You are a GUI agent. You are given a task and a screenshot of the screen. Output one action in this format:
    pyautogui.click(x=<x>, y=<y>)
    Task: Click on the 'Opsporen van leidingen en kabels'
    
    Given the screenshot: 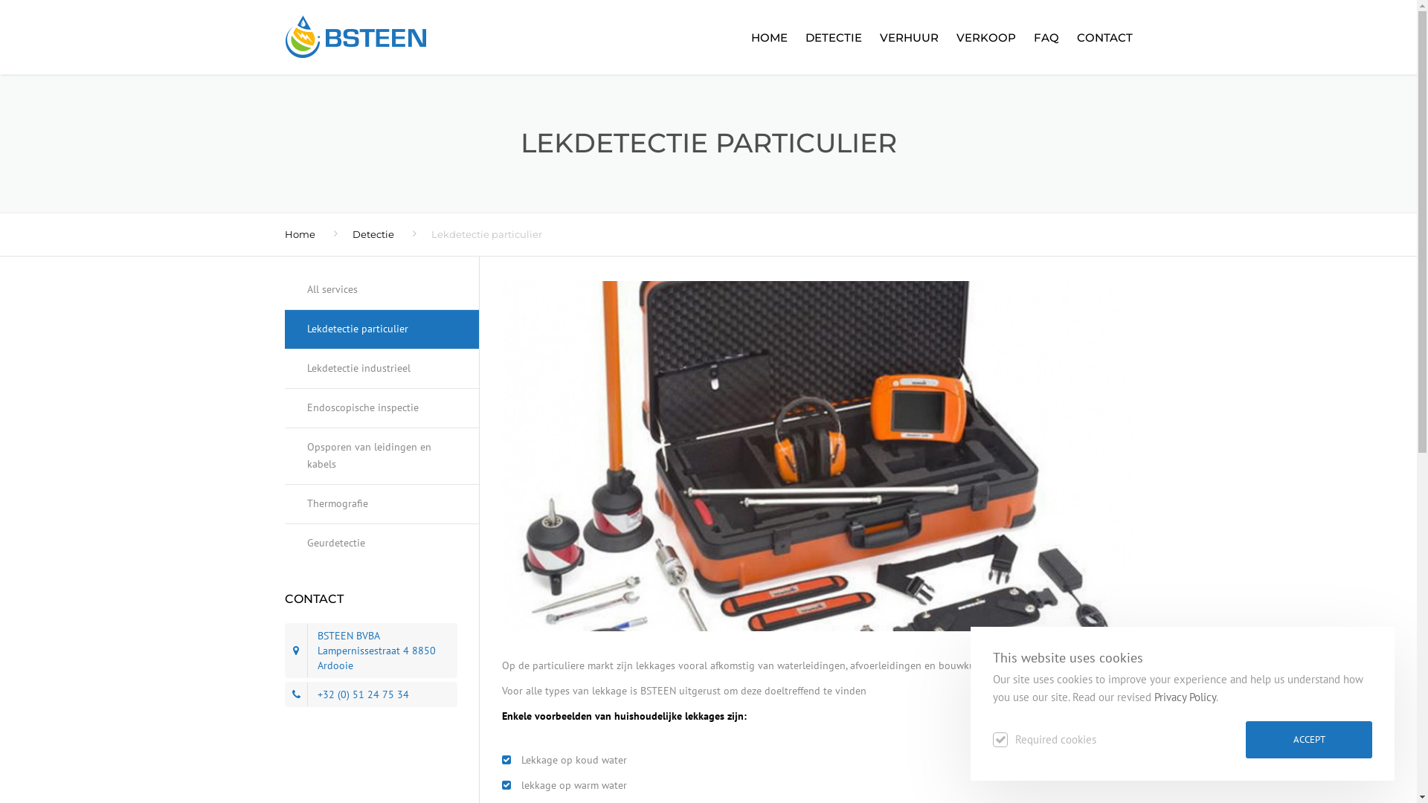 What is the action you would take?
    pyautogui.click(x=382, y=456)
    